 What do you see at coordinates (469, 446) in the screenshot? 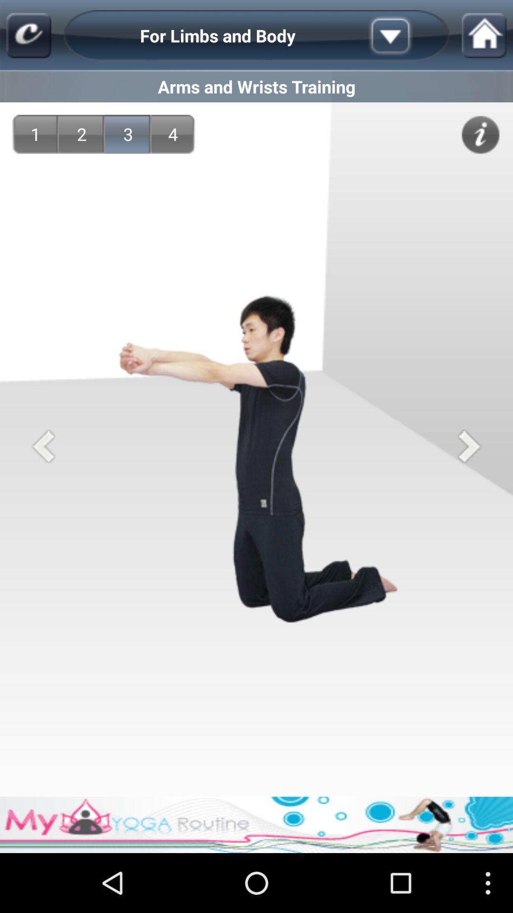
I see `the icon on the right` at bounding box center [469, 446].